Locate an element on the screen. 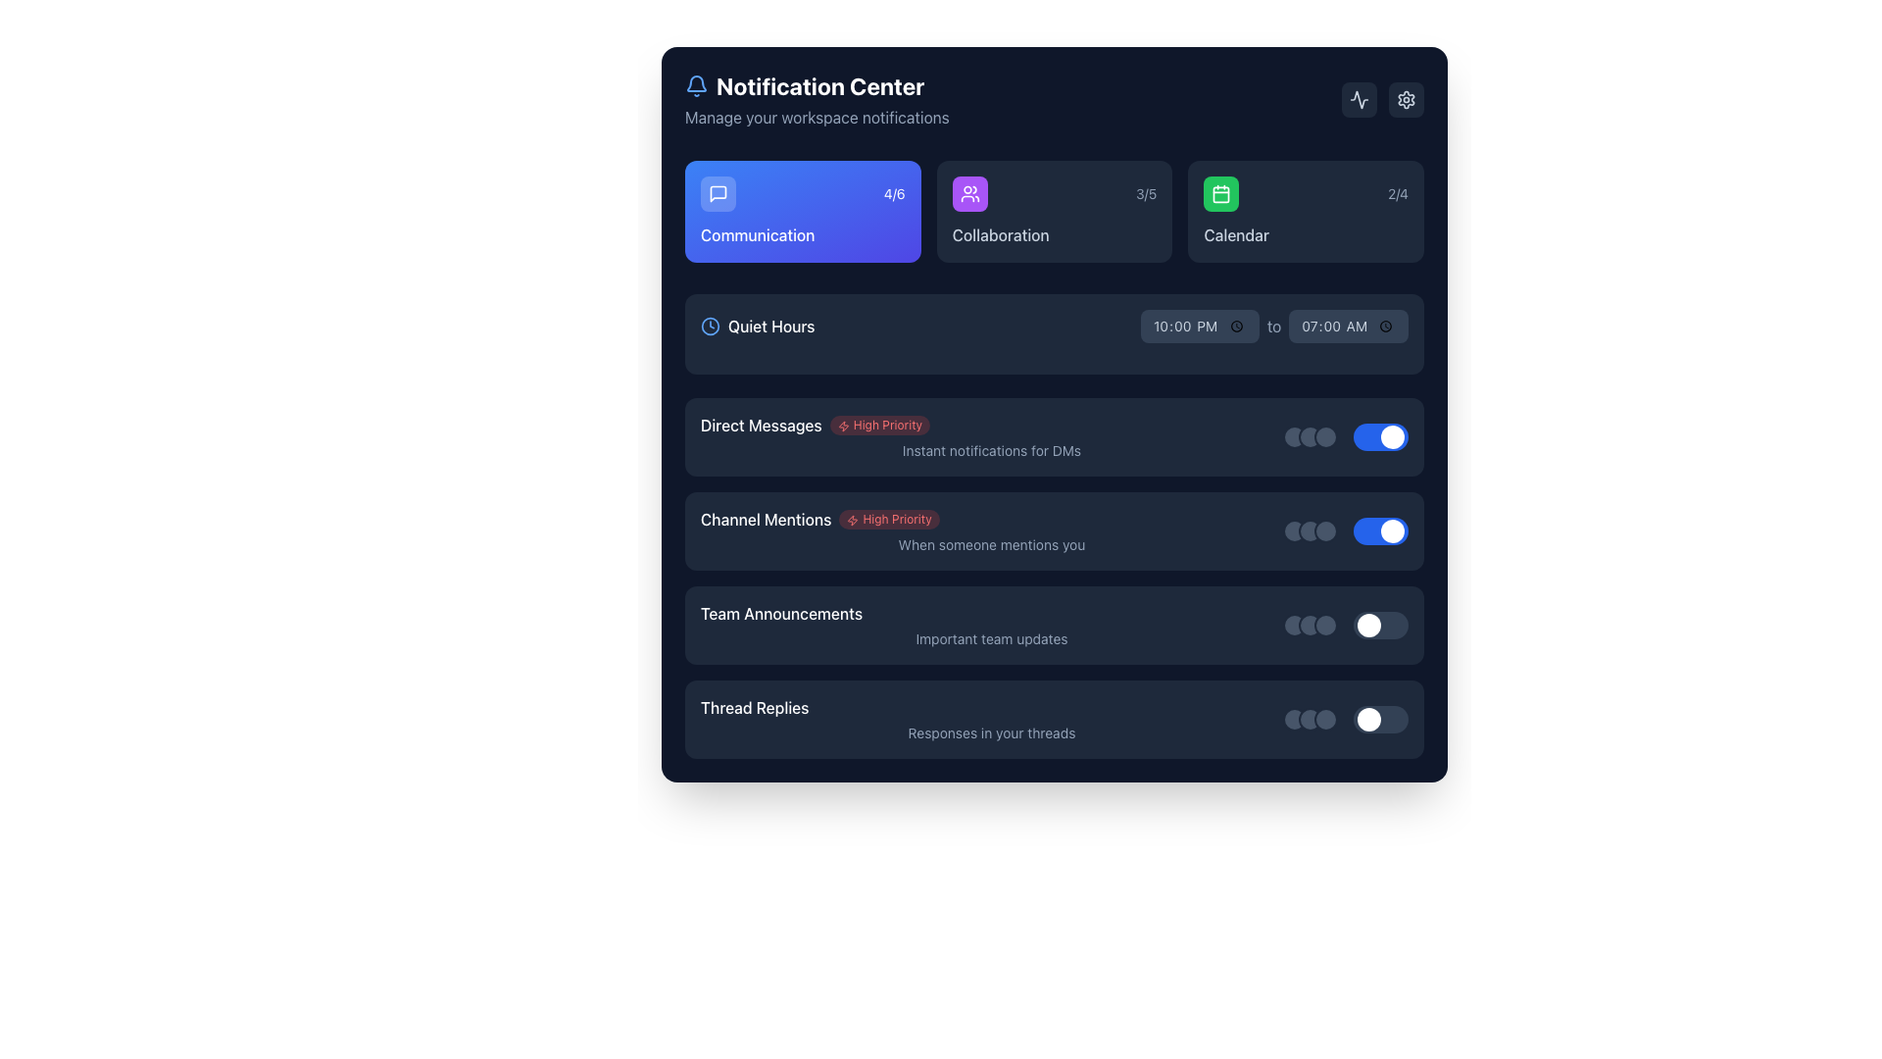 This screenshot has width=1882, height=1059. the 'Thread Replies' static text label, which is styled with a white font and located at the bottom of the notification preferences list is located at coordinates (754, 707).